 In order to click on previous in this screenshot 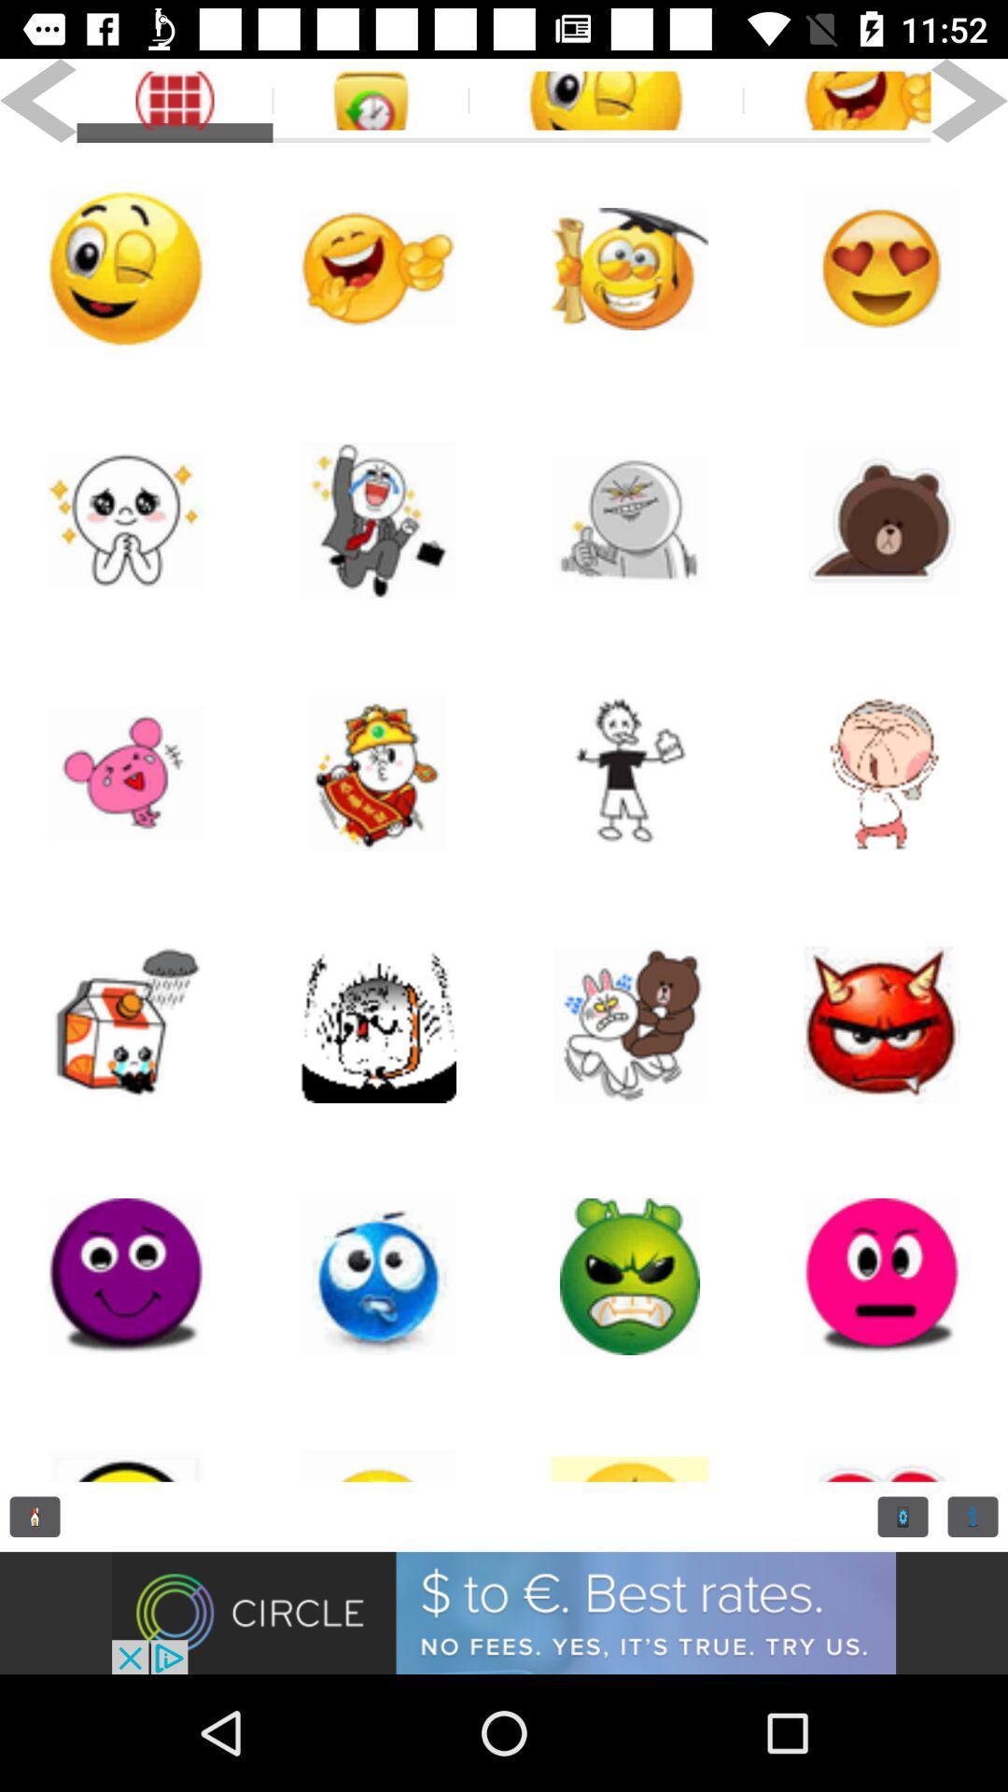, I will do `click(35, 1517)`.